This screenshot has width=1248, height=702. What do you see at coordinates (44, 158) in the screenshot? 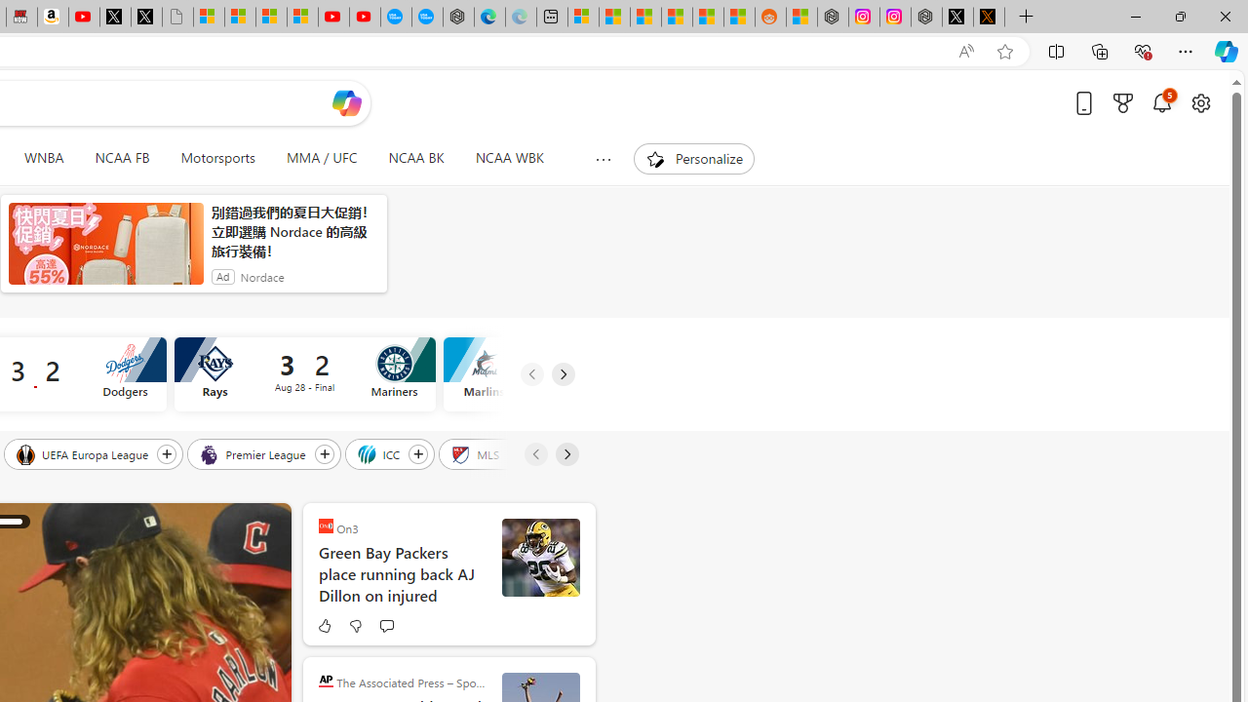
I see `'WNBA'` at bounding box center [44, 158].